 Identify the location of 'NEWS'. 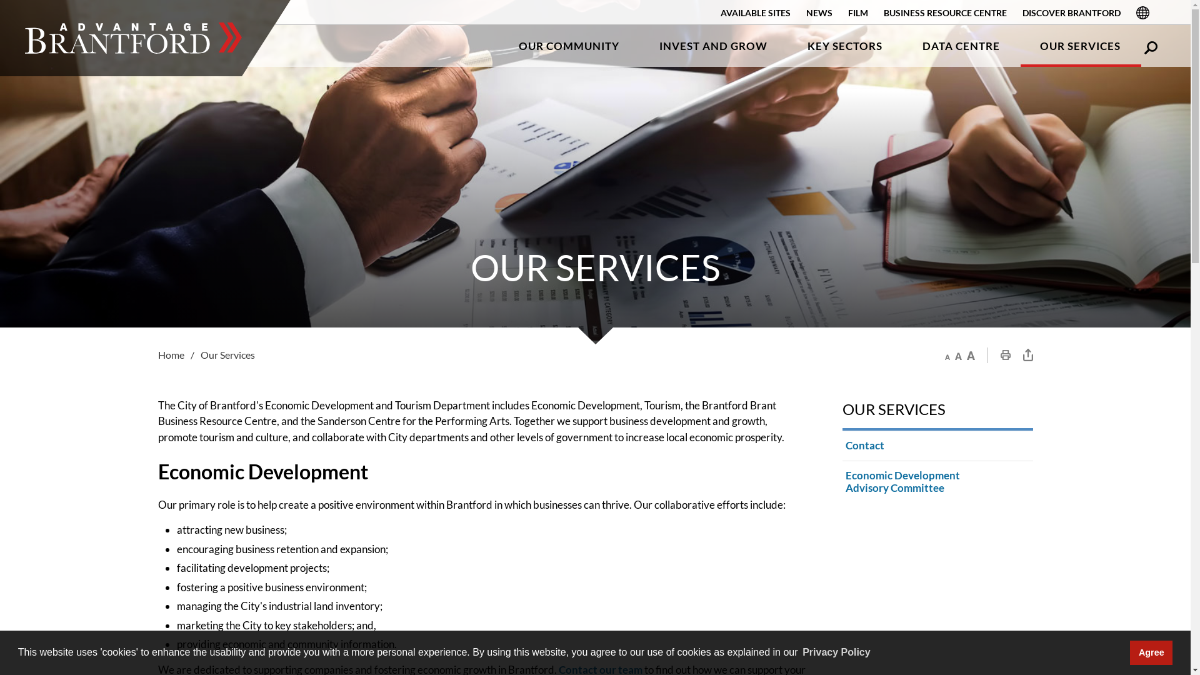
(819, 12).